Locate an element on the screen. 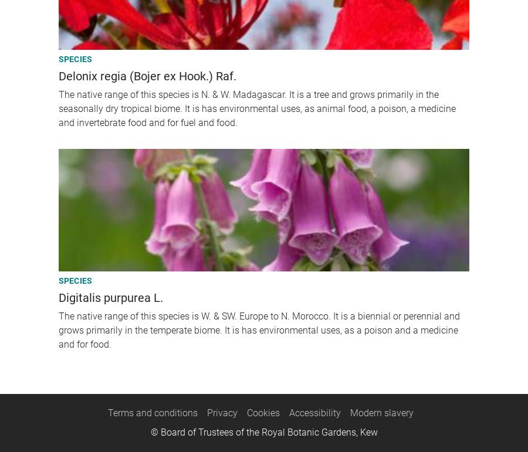 The width and height of the screenshot is (528, 452). '© Board of Trustees of the Royal Botanic Gardens, Kew' is located at coordinates (263, 431).